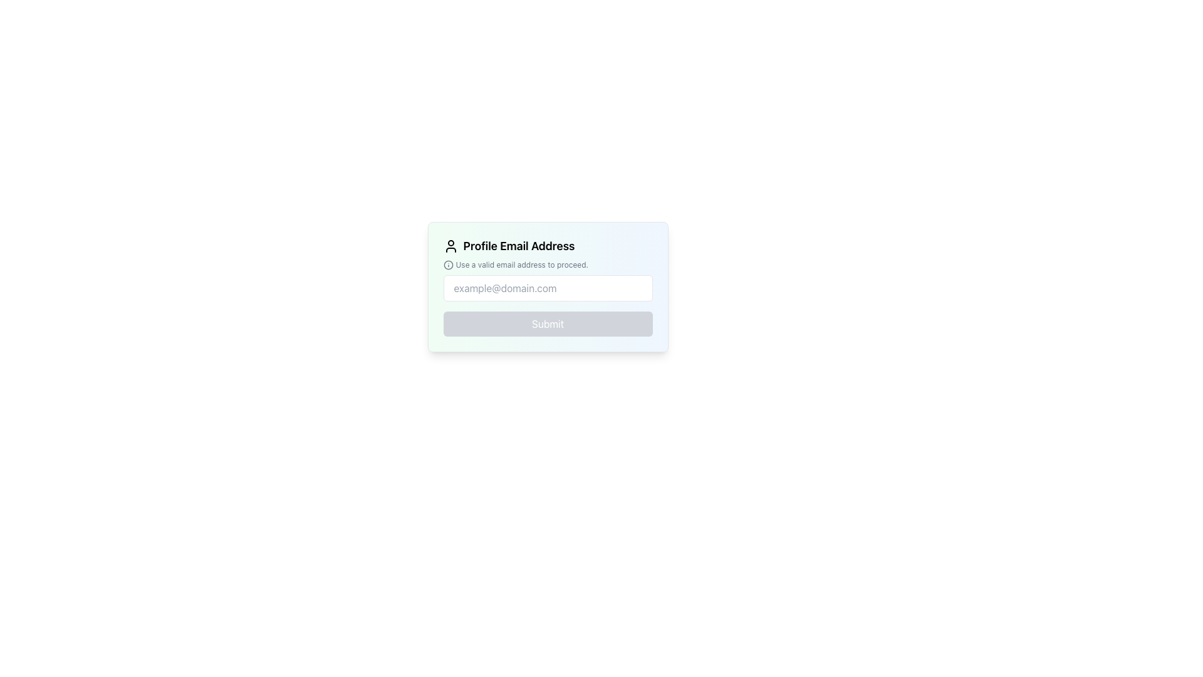  I want to click on the Text label with an informational icon that instructs the user about the requirement of a valid email address, located below the title 'Profile Email Address' and above the email input field, so click(548, 265).